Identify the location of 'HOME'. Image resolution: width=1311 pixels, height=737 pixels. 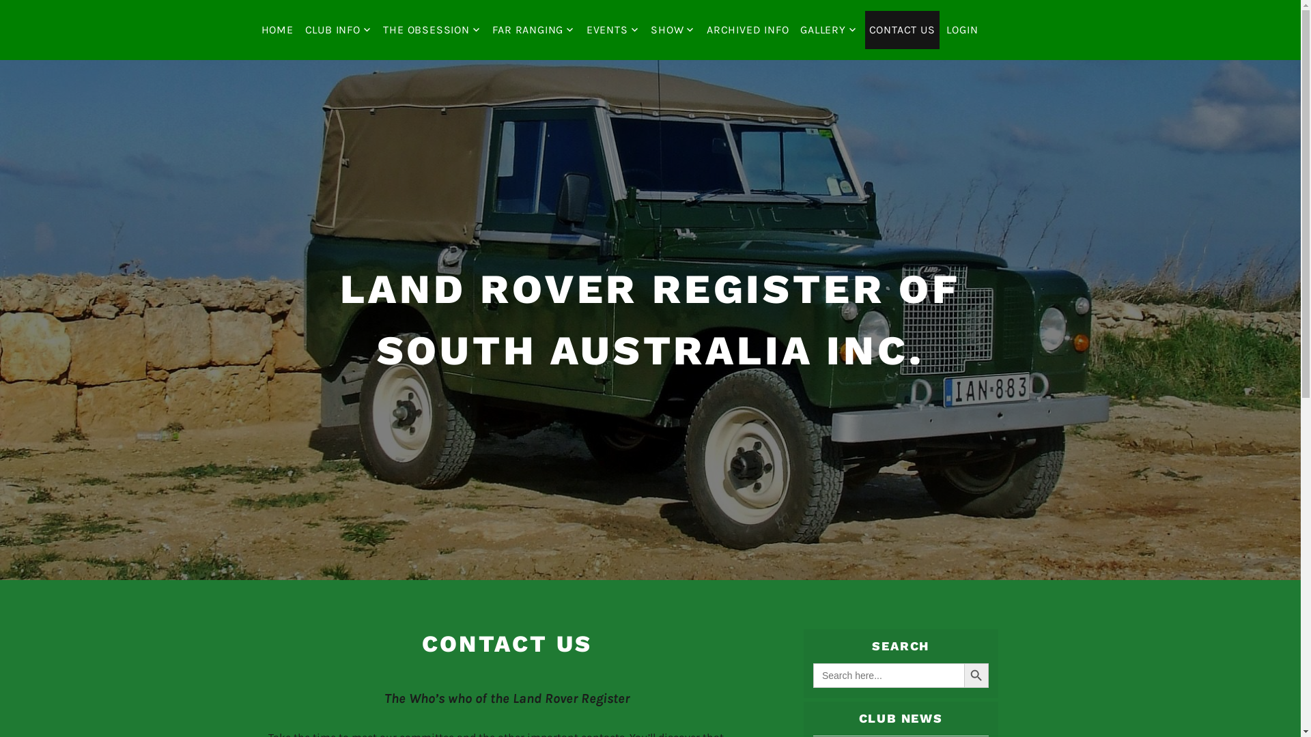
(276, 29).